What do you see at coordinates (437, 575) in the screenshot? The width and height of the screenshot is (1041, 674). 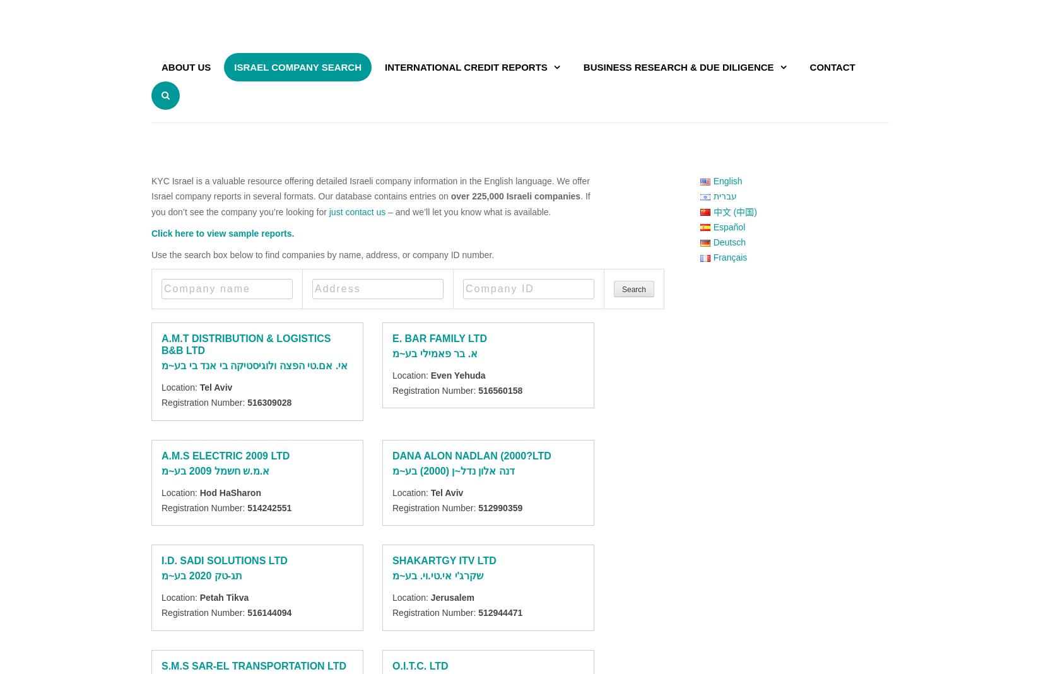 I see `'שקרג'י אי.טי.וי. בע~מ'` at bounding box center [437, 575].